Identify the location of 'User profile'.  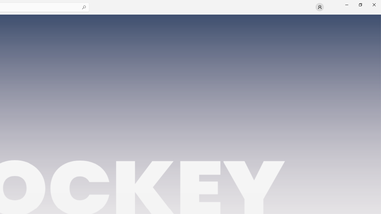
(319, 7).